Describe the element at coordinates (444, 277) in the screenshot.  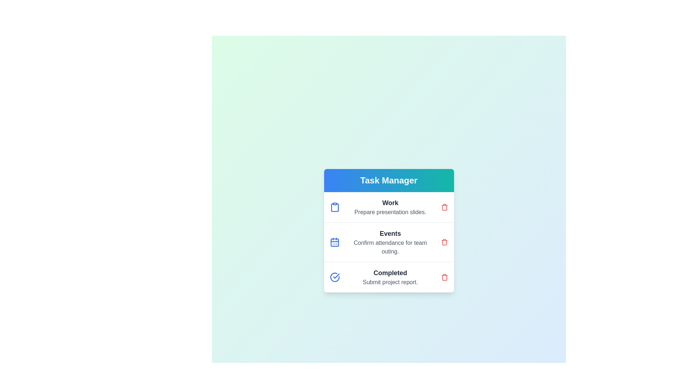
I see `the trash icon for the task with ID 3 to remove it from the list` at that location.